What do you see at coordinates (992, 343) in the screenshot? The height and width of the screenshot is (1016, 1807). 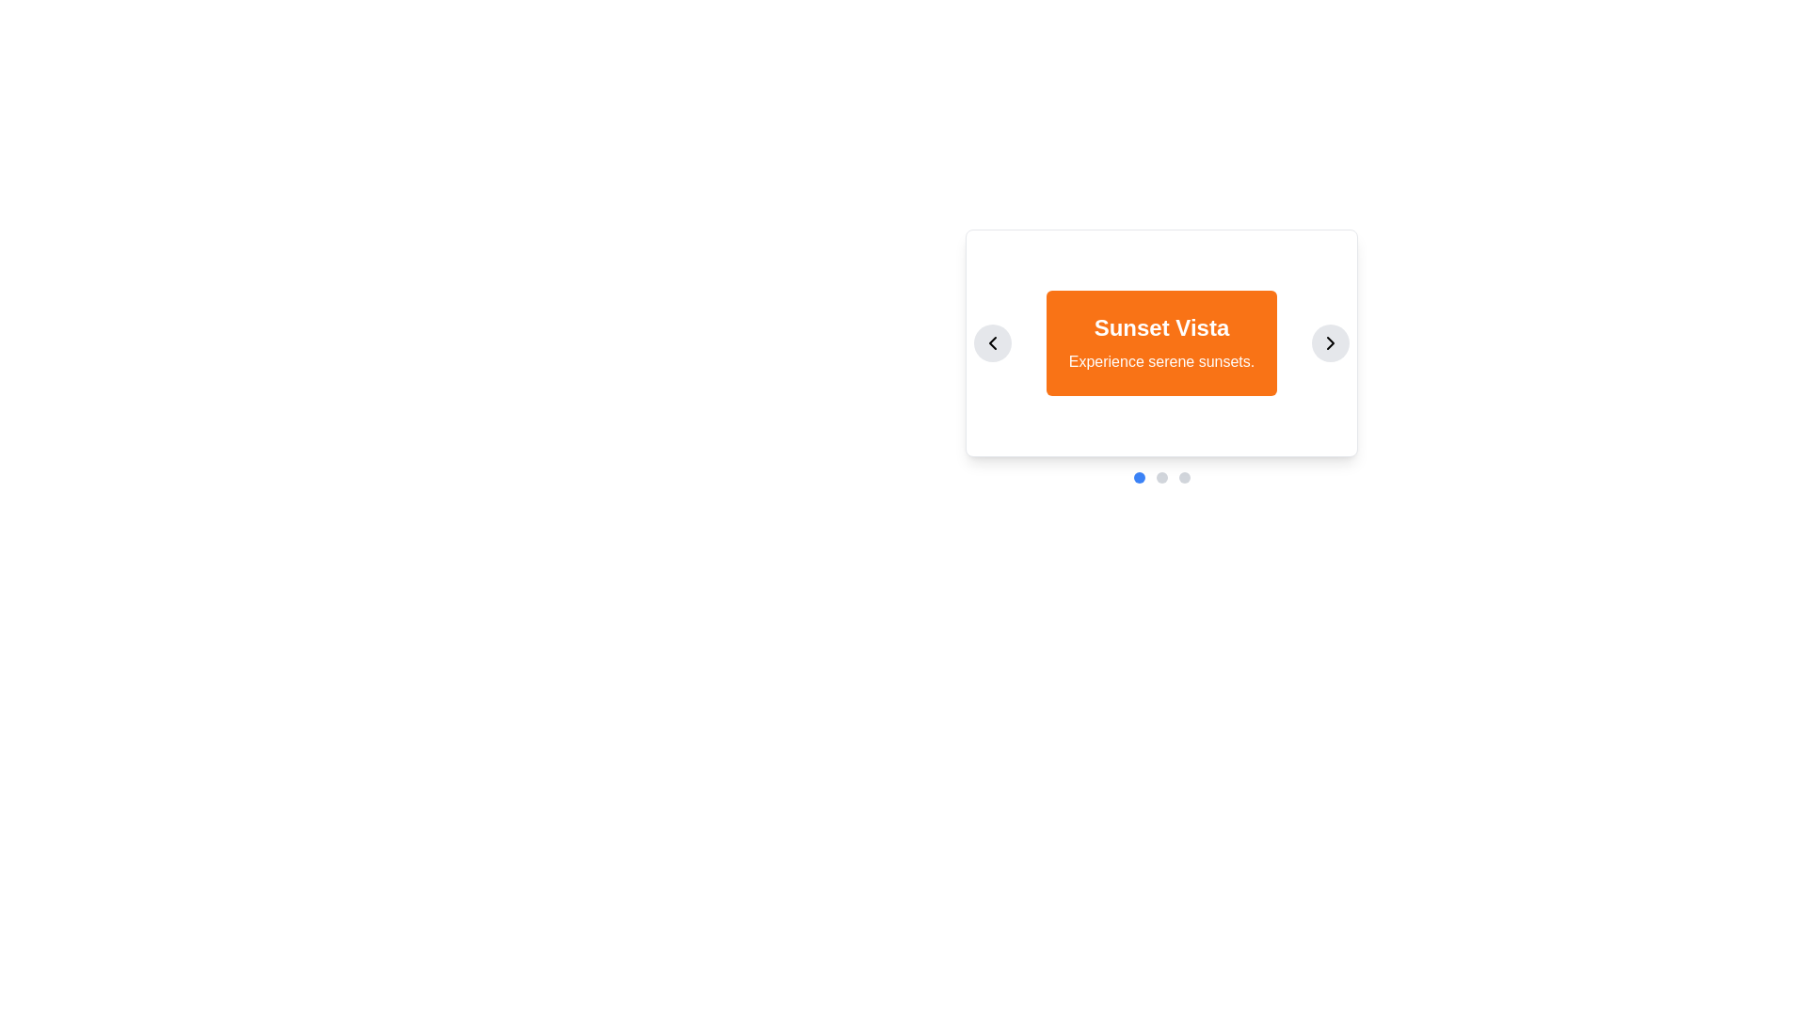 I see `the 'previous item' navigation icon in the carousel, which is the arrow-like SVG icon located to the left of the orange button labeled 'Sunset Vista'` at bounding box center [992, 343].